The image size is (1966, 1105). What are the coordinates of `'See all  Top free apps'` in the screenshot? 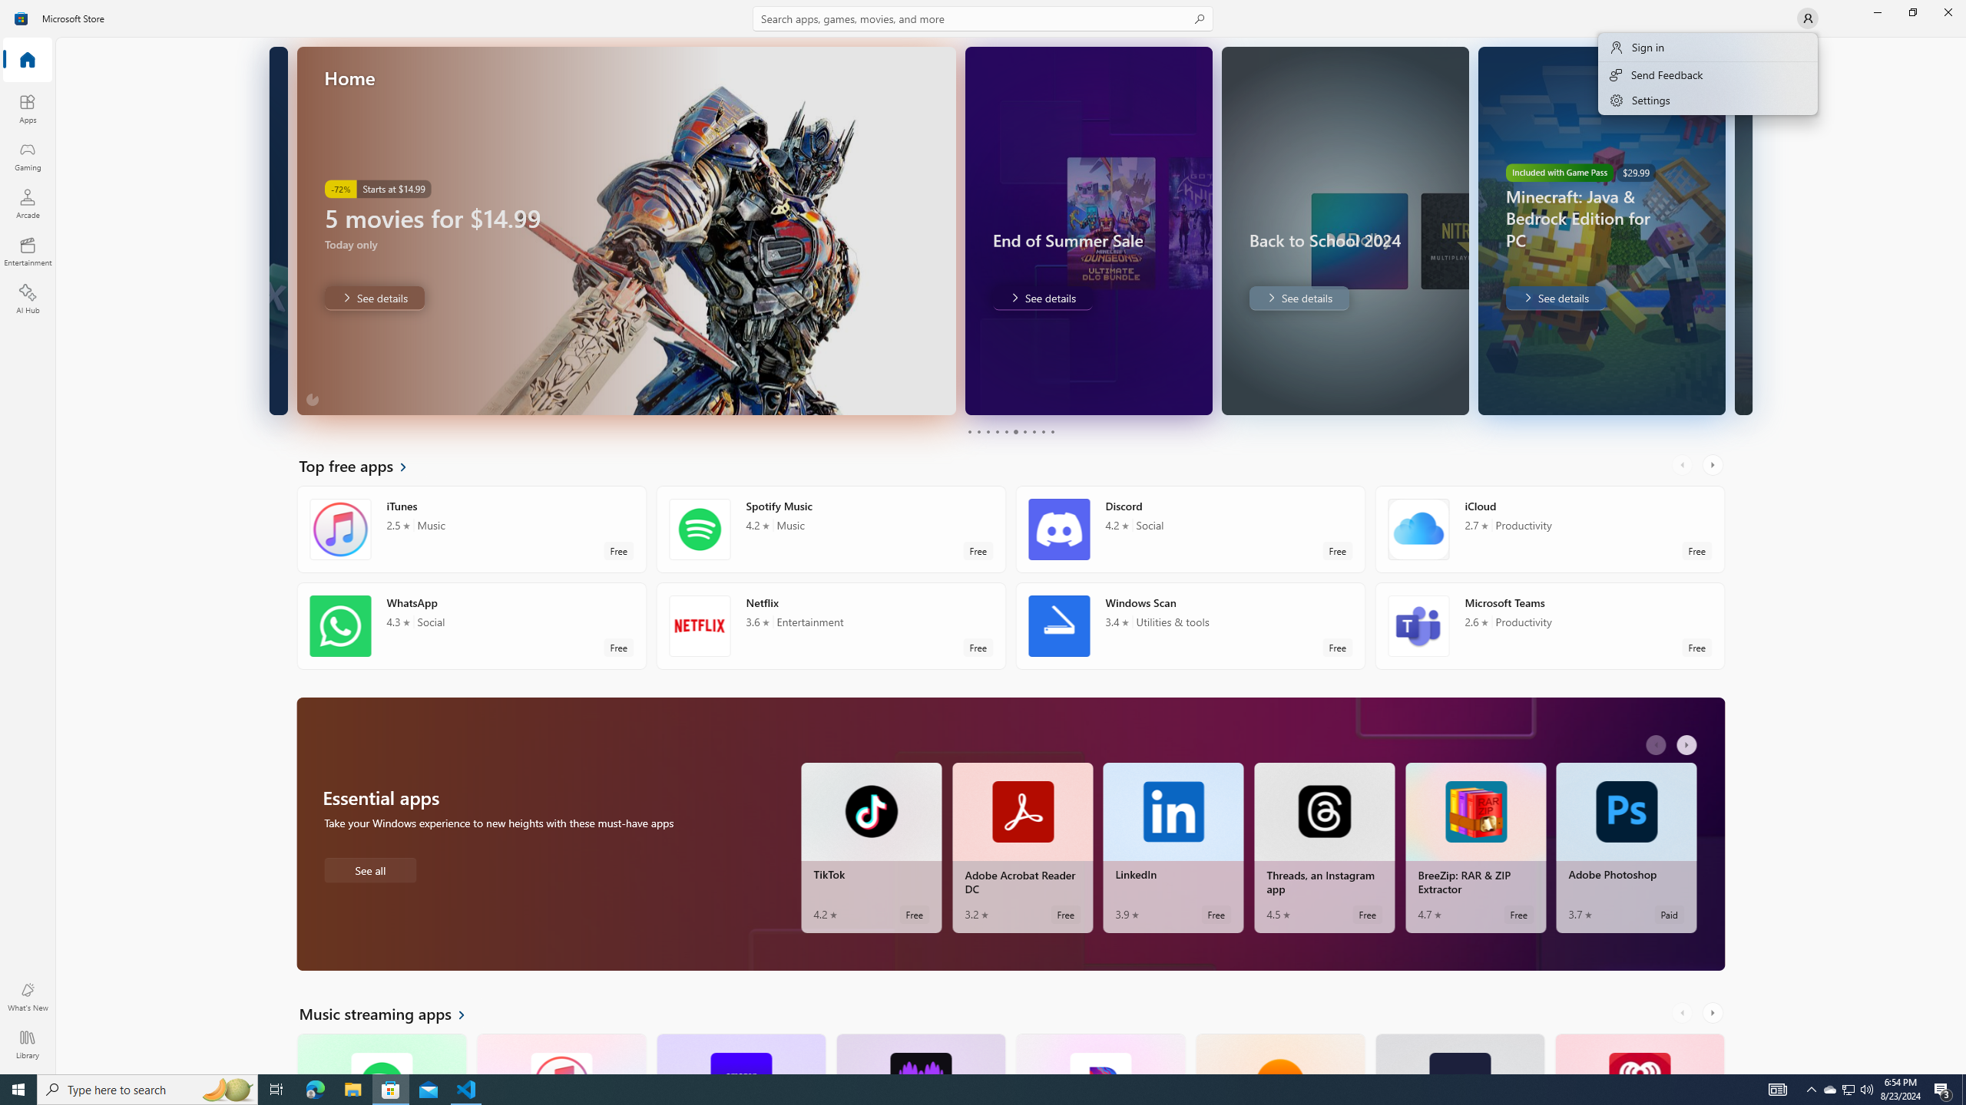 It's located at (362, 464).